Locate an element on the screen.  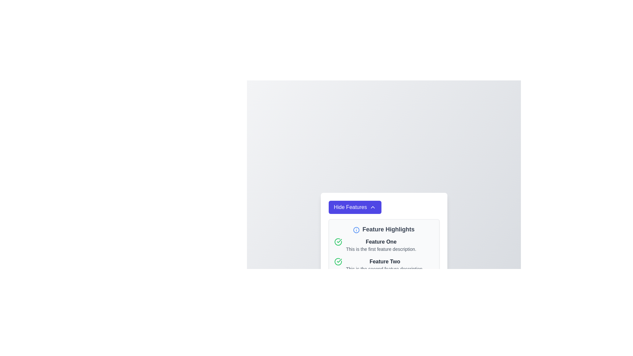
the second descriptive text block under the 'Feature Highlights' section to interact with related elements is located at coordinates (384, 264).